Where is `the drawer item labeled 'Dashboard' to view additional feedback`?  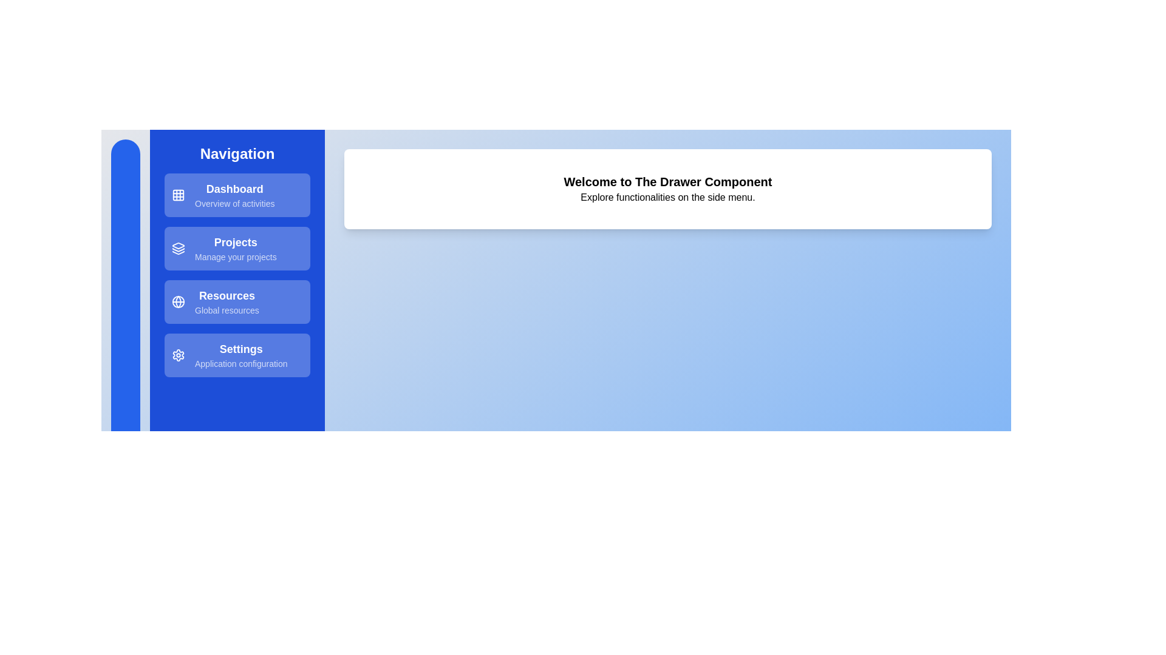
the drawer item labeled 'Dashboard' to view additional feedback is located at coordinates (237, 194).